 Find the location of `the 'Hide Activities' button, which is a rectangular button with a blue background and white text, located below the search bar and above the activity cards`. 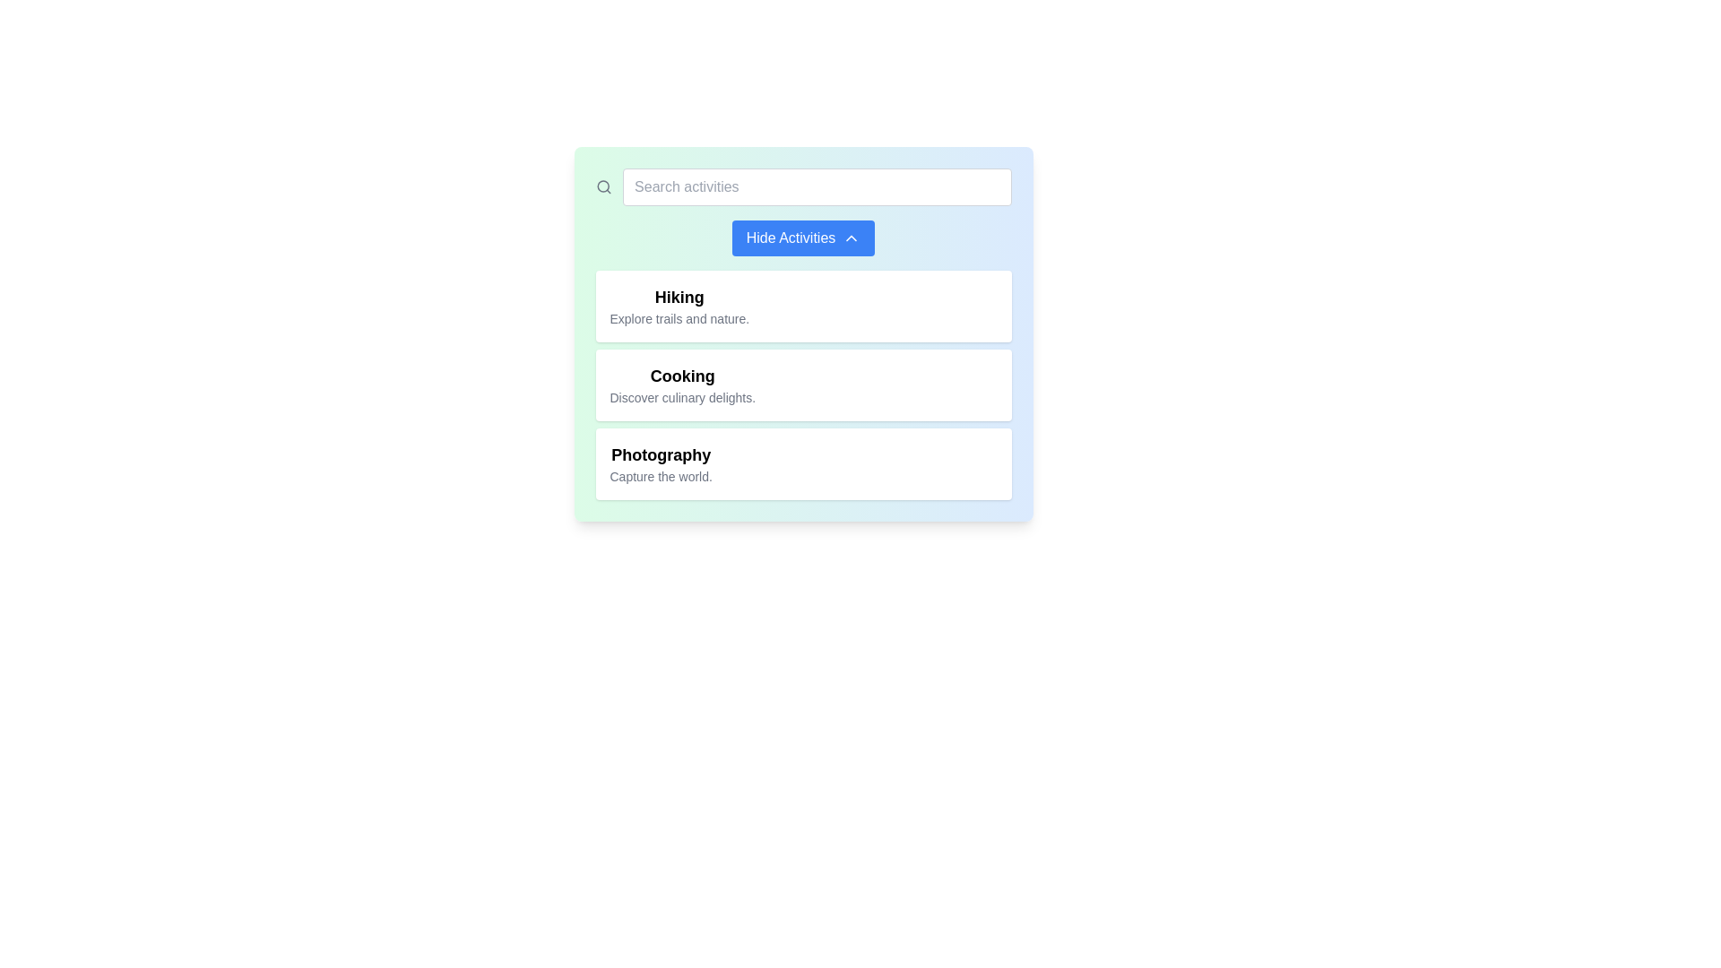

the 'Hide Activities' button, which is a rectangular button with a blue background and white text, located below the search bar and above the activity cards is located at coordinates (802, 238).